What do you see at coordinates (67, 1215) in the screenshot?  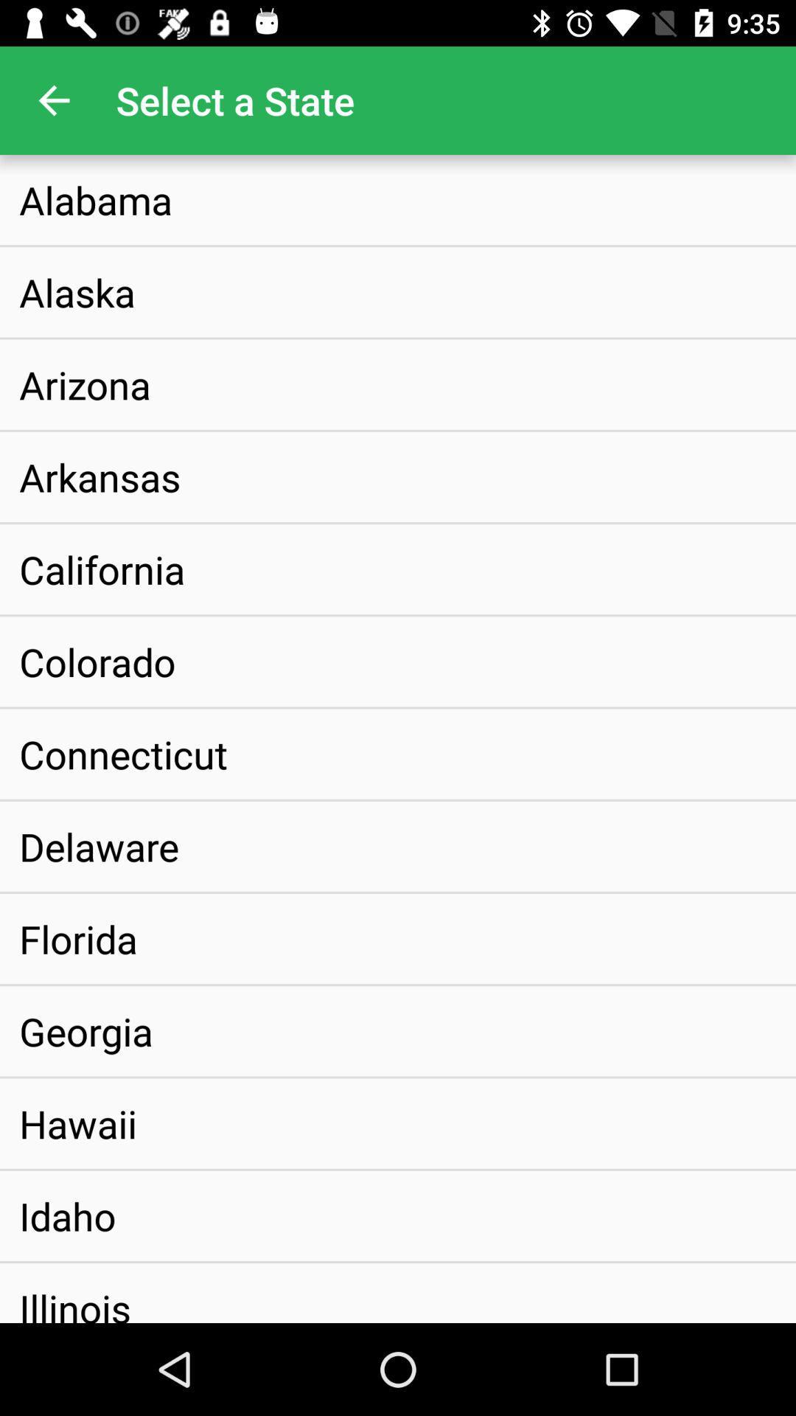 I see `idaho` at bounding box center [67, 1215].